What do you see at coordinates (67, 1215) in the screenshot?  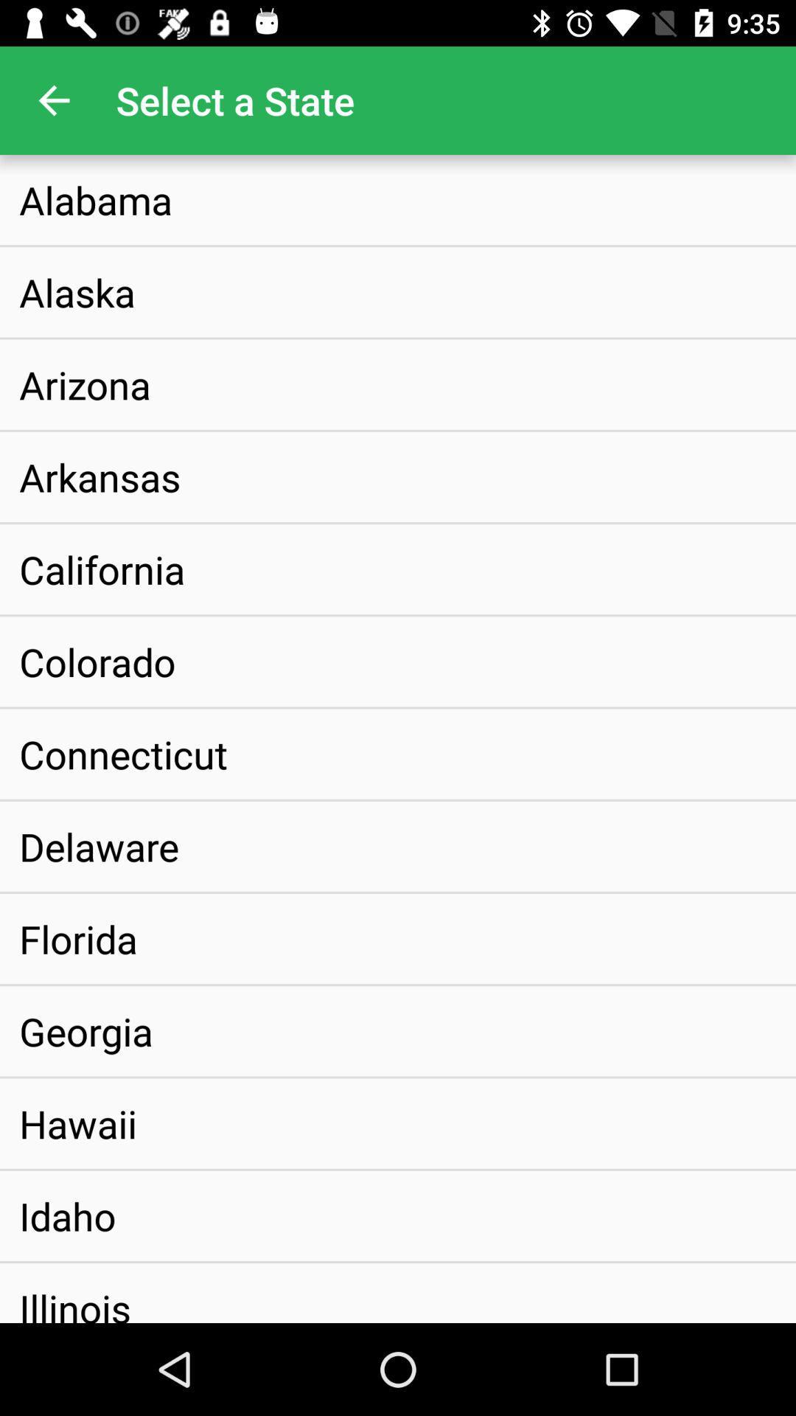 I see `idaho` at bounding box center [67, 1215].